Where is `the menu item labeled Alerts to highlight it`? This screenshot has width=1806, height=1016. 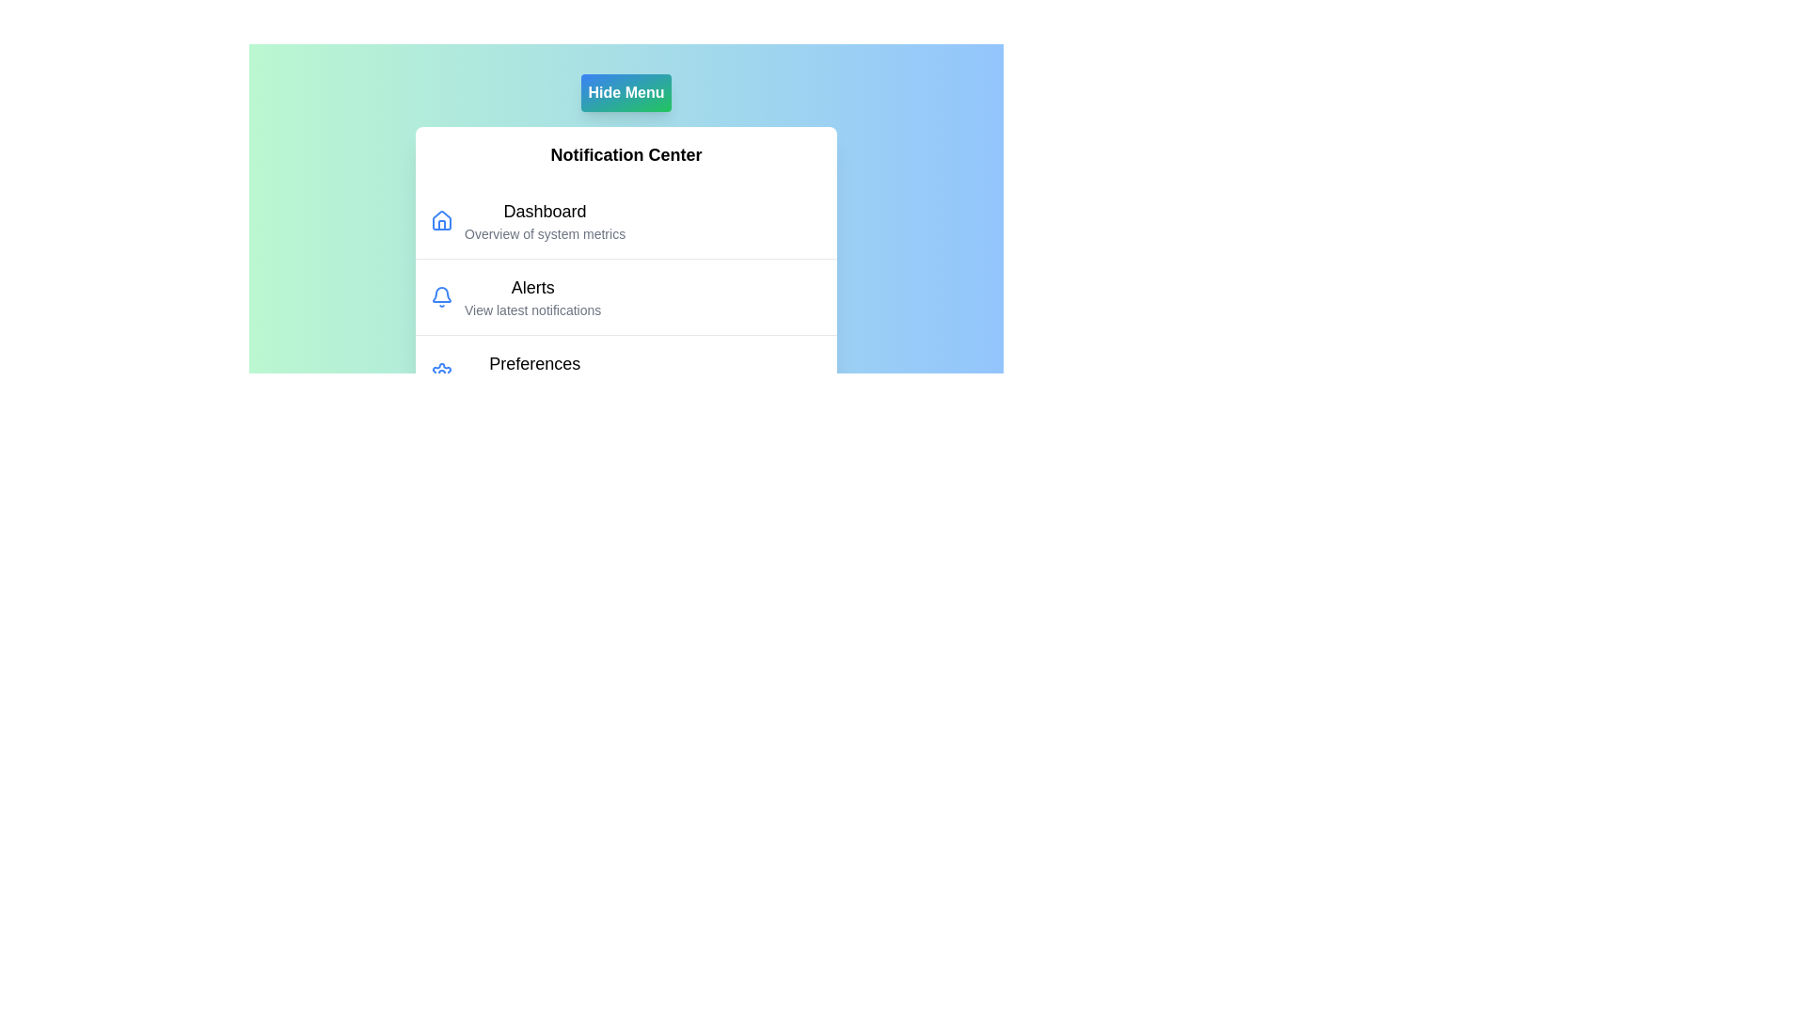 the menu item labeled Alerts to highlight it is located at coordinates (531, 296).